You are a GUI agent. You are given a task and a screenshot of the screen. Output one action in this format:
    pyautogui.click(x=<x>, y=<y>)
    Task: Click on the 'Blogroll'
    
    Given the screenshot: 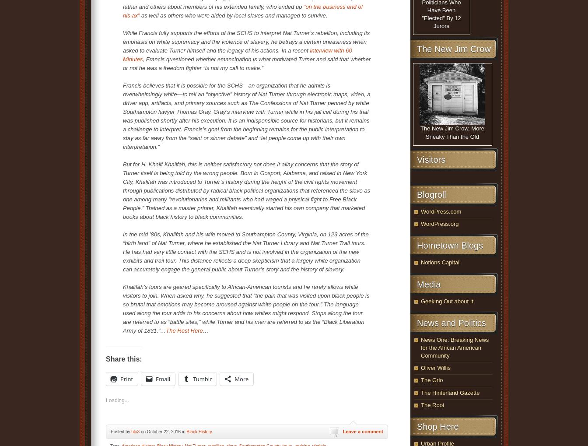 What is the action you would take?
    pyautogui.click(x=431, y=194)
    